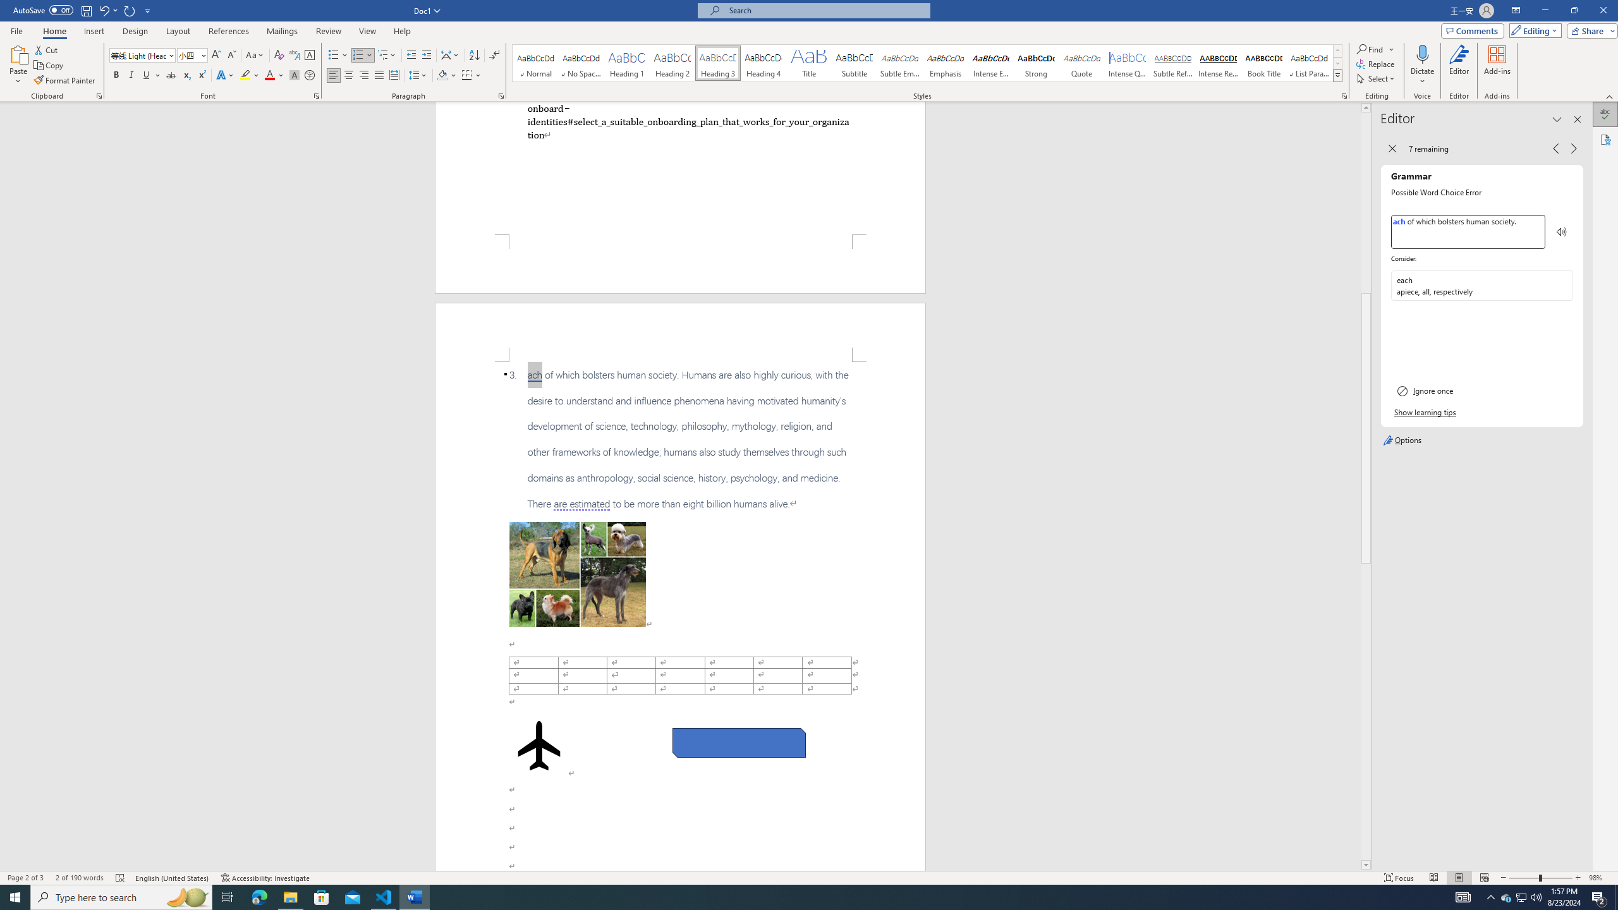 This screenshot has height=910, width=1618. I want to click on 'Heading 4', so click(763, 63).